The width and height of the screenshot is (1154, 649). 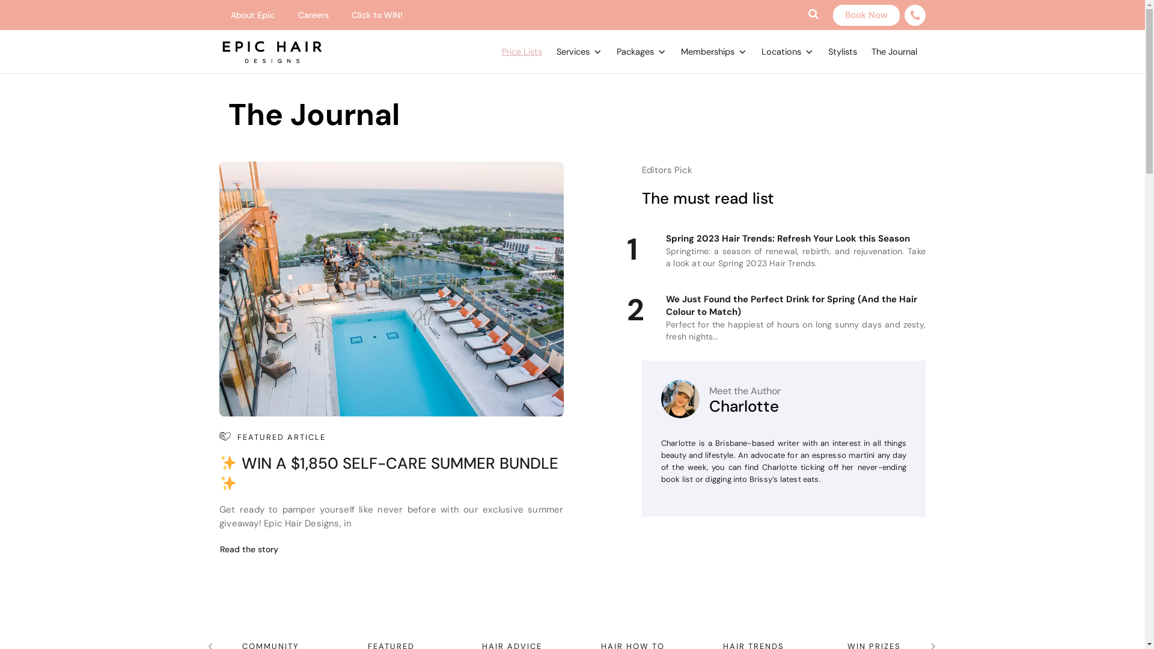 What do you see at coordinates (252, 15) in the screenshot?
I see `'About Epic'` at bounding box center [252, 15].